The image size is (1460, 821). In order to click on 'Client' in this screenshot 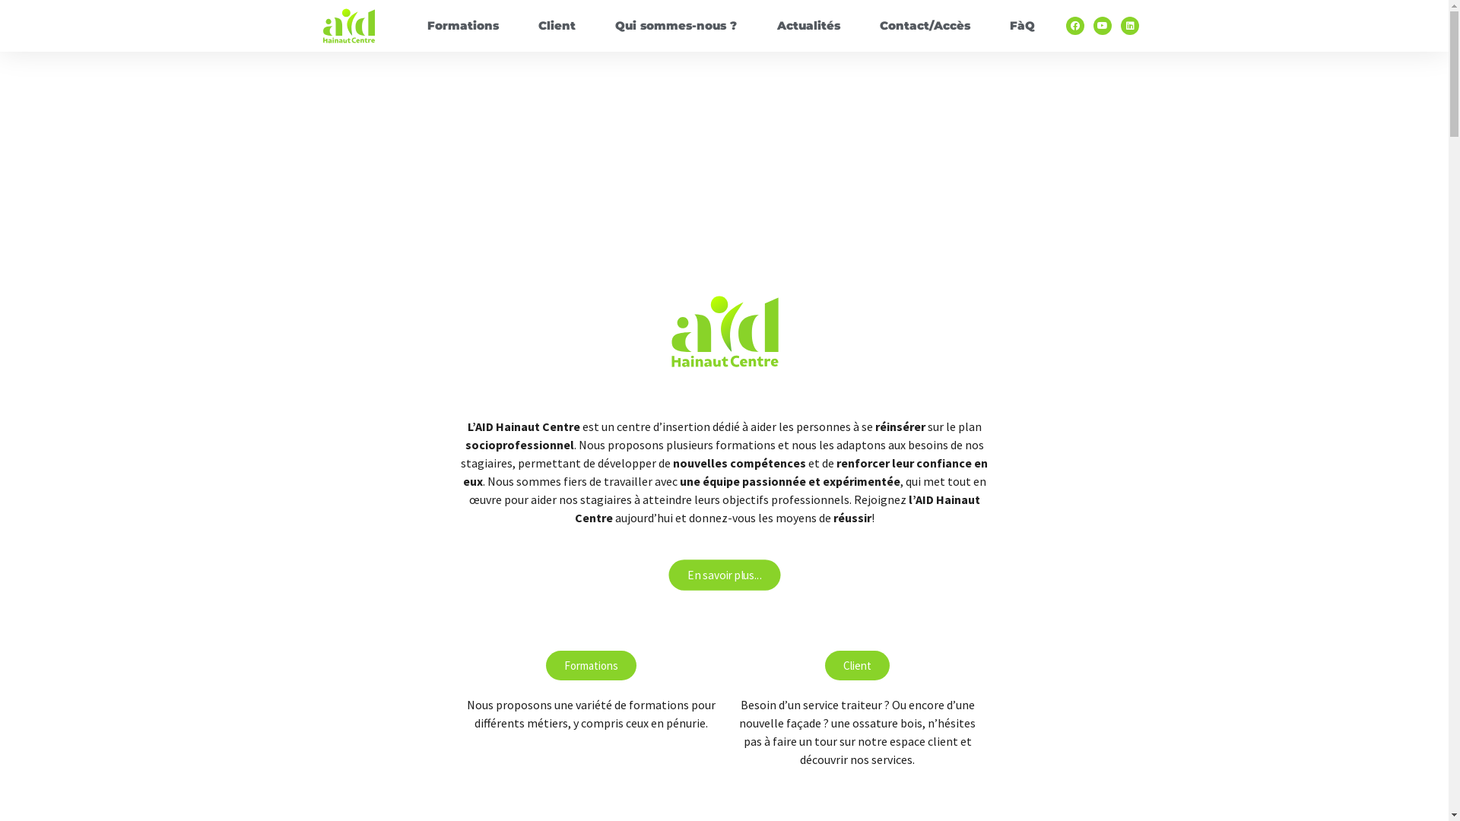, I will do `click(824, 664)`.